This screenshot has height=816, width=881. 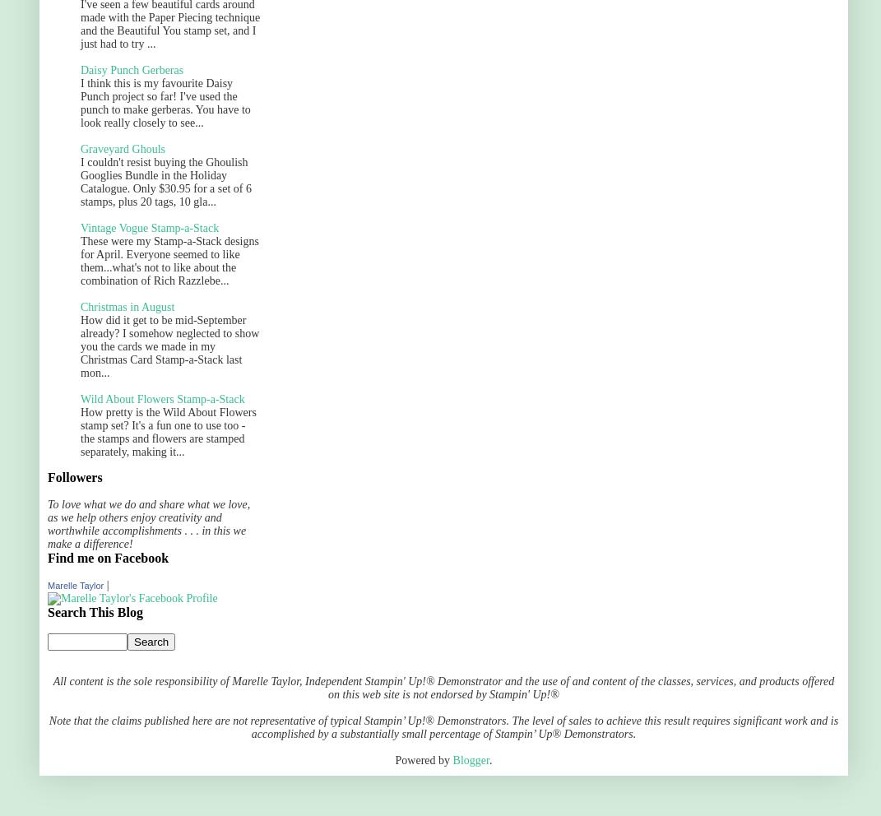 I want to click on 'How pretty is the Wild About Flowers  stamp set? It's a fun one to use too - the stamps and flowers are stamped separately, making it...', so click(x=167, y=431).